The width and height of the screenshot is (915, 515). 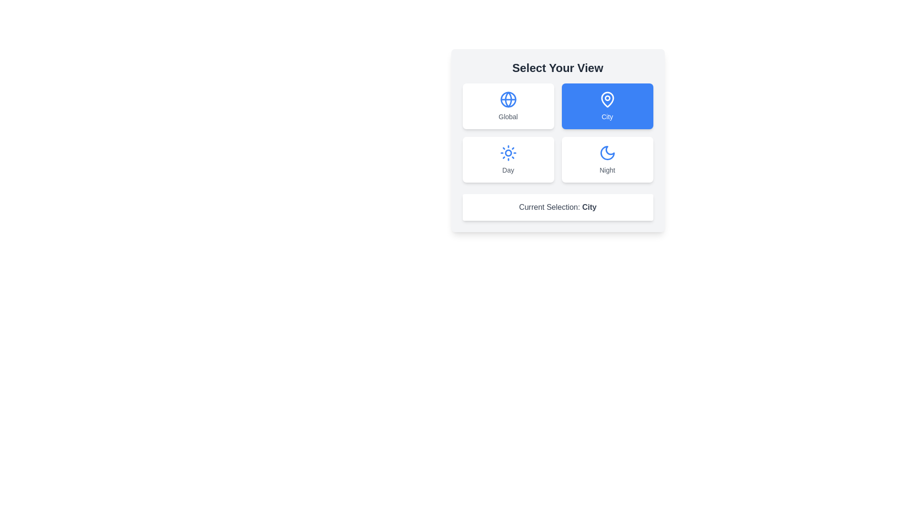 What do you see at coordinates (607, 152) in the screenshot?
I see `the crescent moon-shaped SVG icon styled with a blue color (class 'text-blue-500') located` at bounding box center [607, 152].